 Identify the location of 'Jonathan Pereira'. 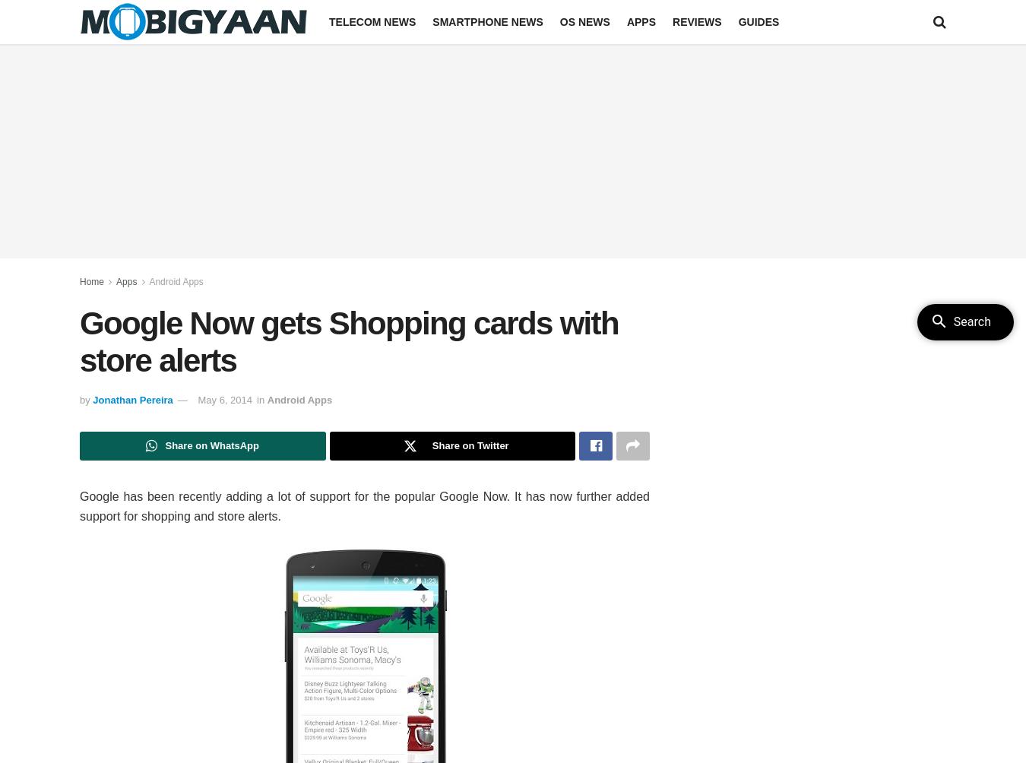
(93, 399).